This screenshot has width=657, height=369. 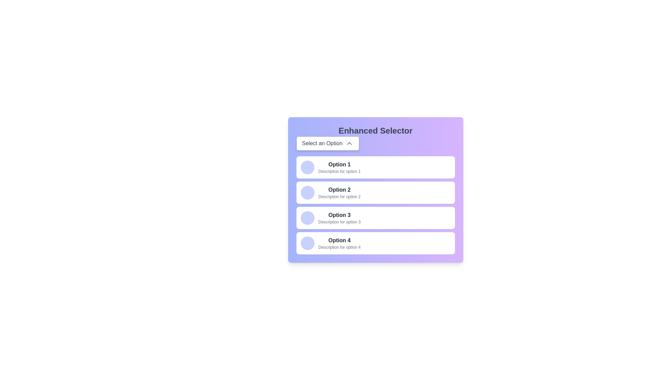 I want to click on the text label containing the bolded text 'Option 2' which is part of the selection menu, so click(x=339, y=190).